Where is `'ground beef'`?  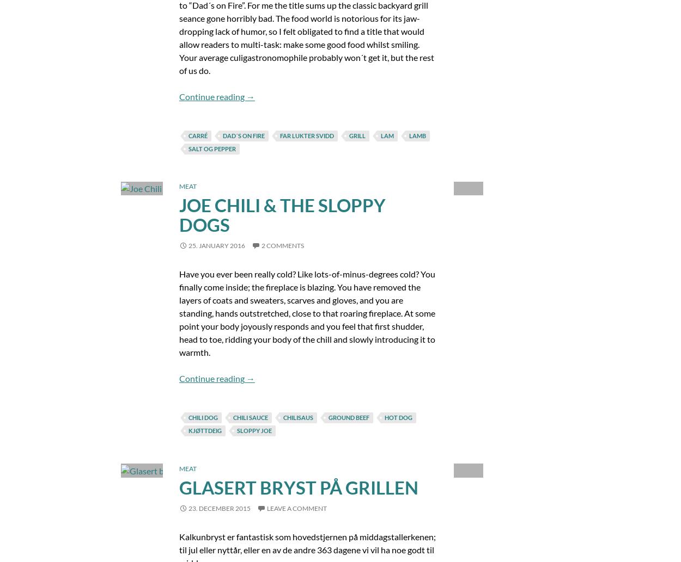
'ground beef' is located at coordinates (348, 417).